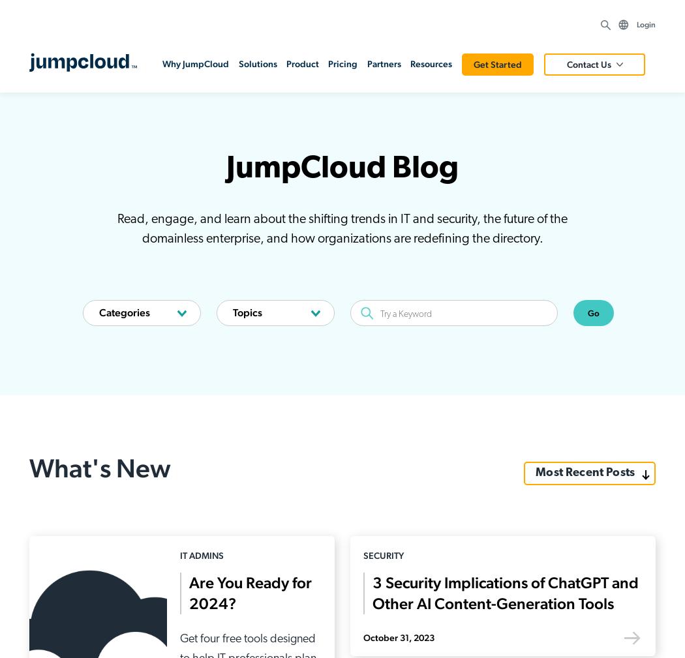 The width and height of the screenshot is (685, 658). I want to click on 'JumpCloud Knowledge Base', so click(549, 523).